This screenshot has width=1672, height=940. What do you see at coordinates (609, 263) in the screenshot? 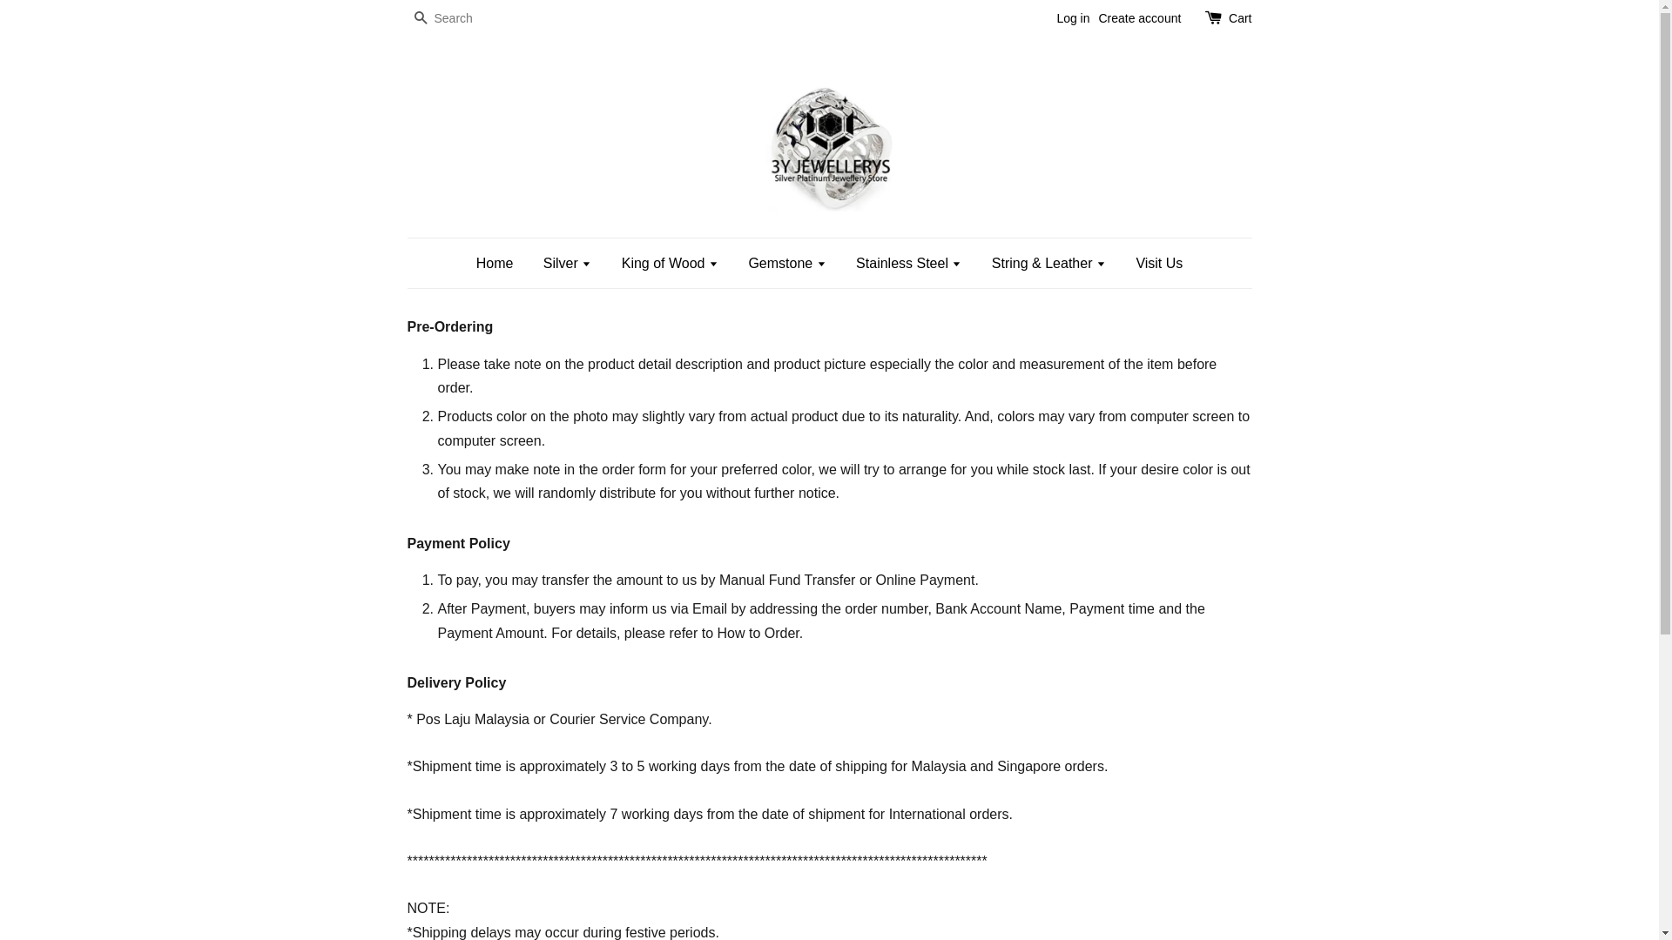
I see `'King of Wood'` at bounding box center [609, 263].